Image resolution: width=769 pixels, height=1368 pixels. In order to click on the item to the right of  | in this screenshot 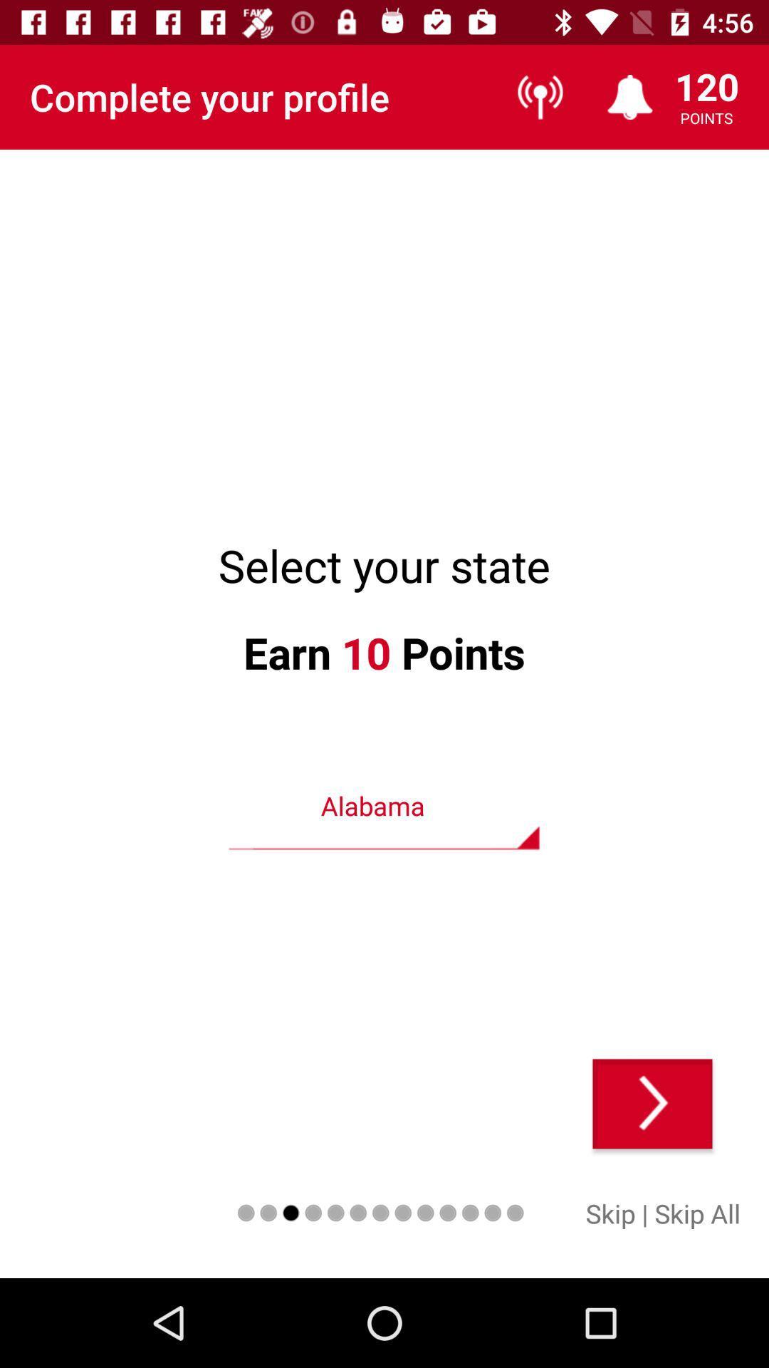, I will do `click(696, 1213)`.